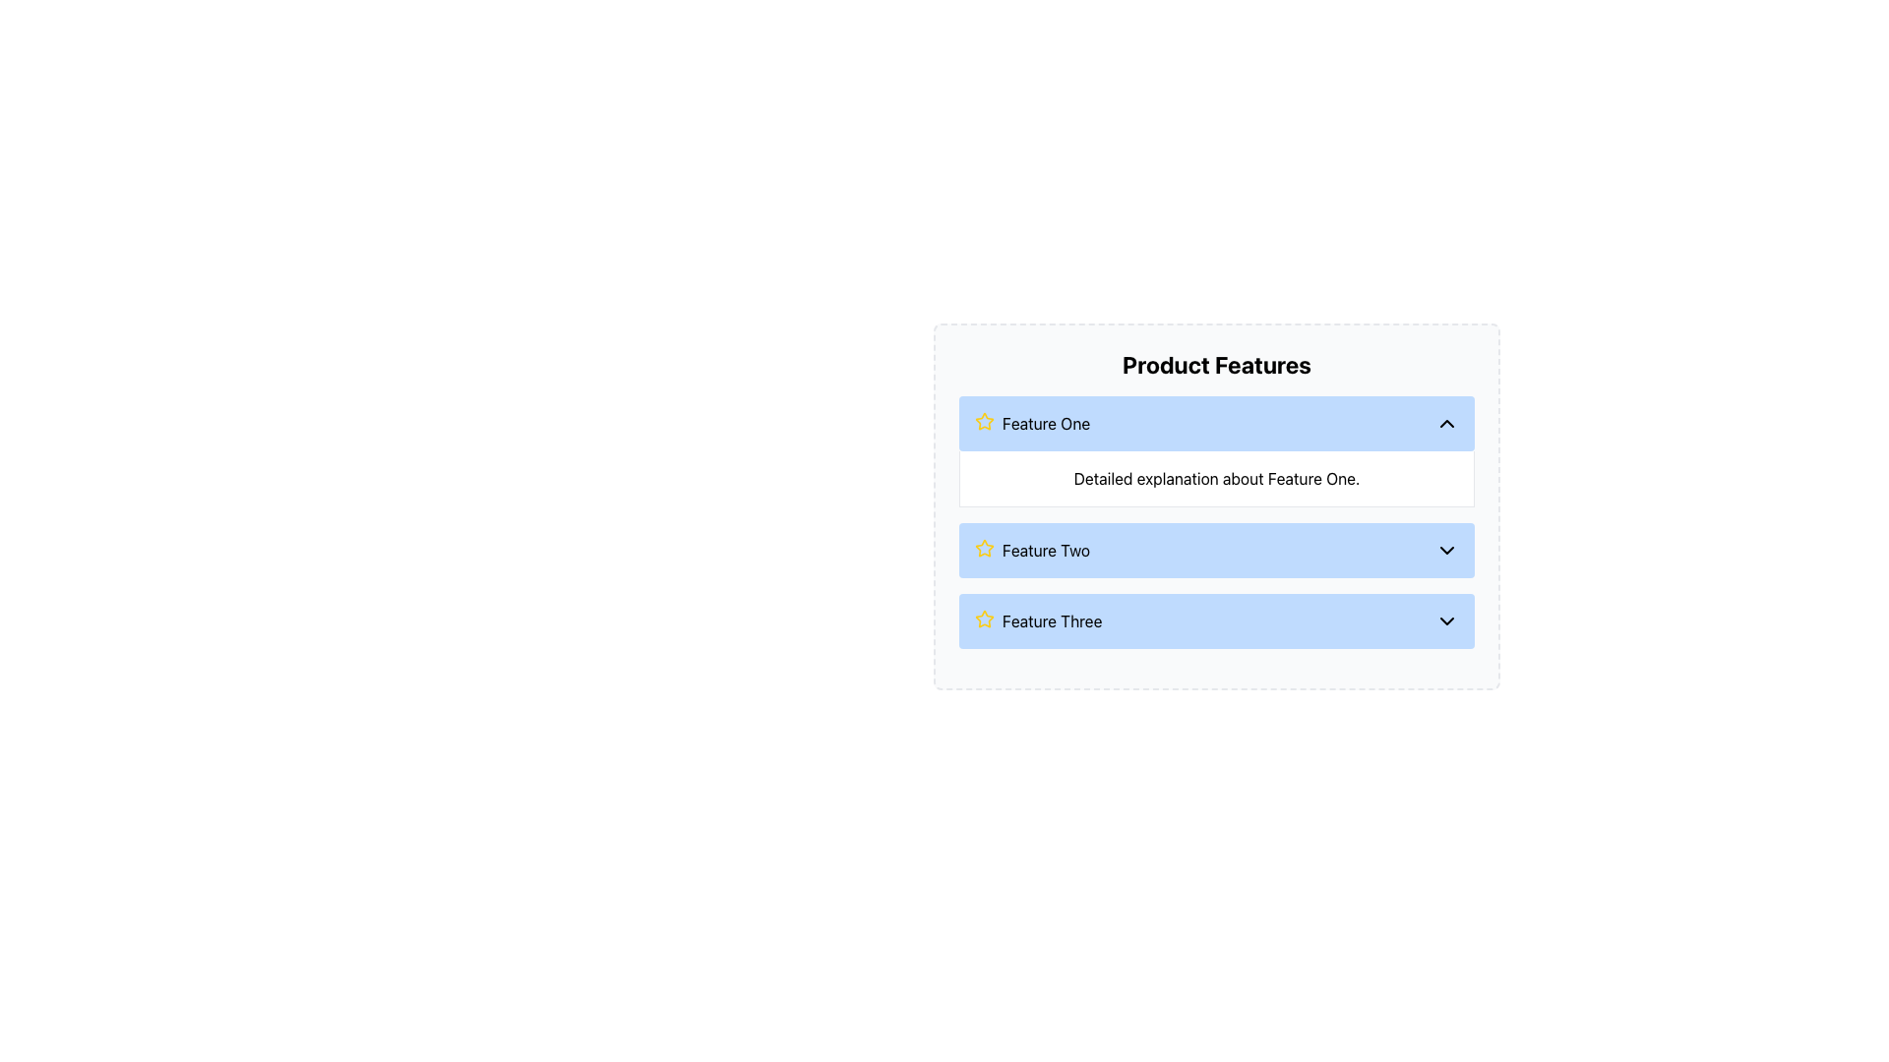  I want to click on the 'Feature Two' text label, which is styled with a light-blue background and has a yellow star icon on its left, located in the center of the 'Product Features' section, so click(1031, 550).